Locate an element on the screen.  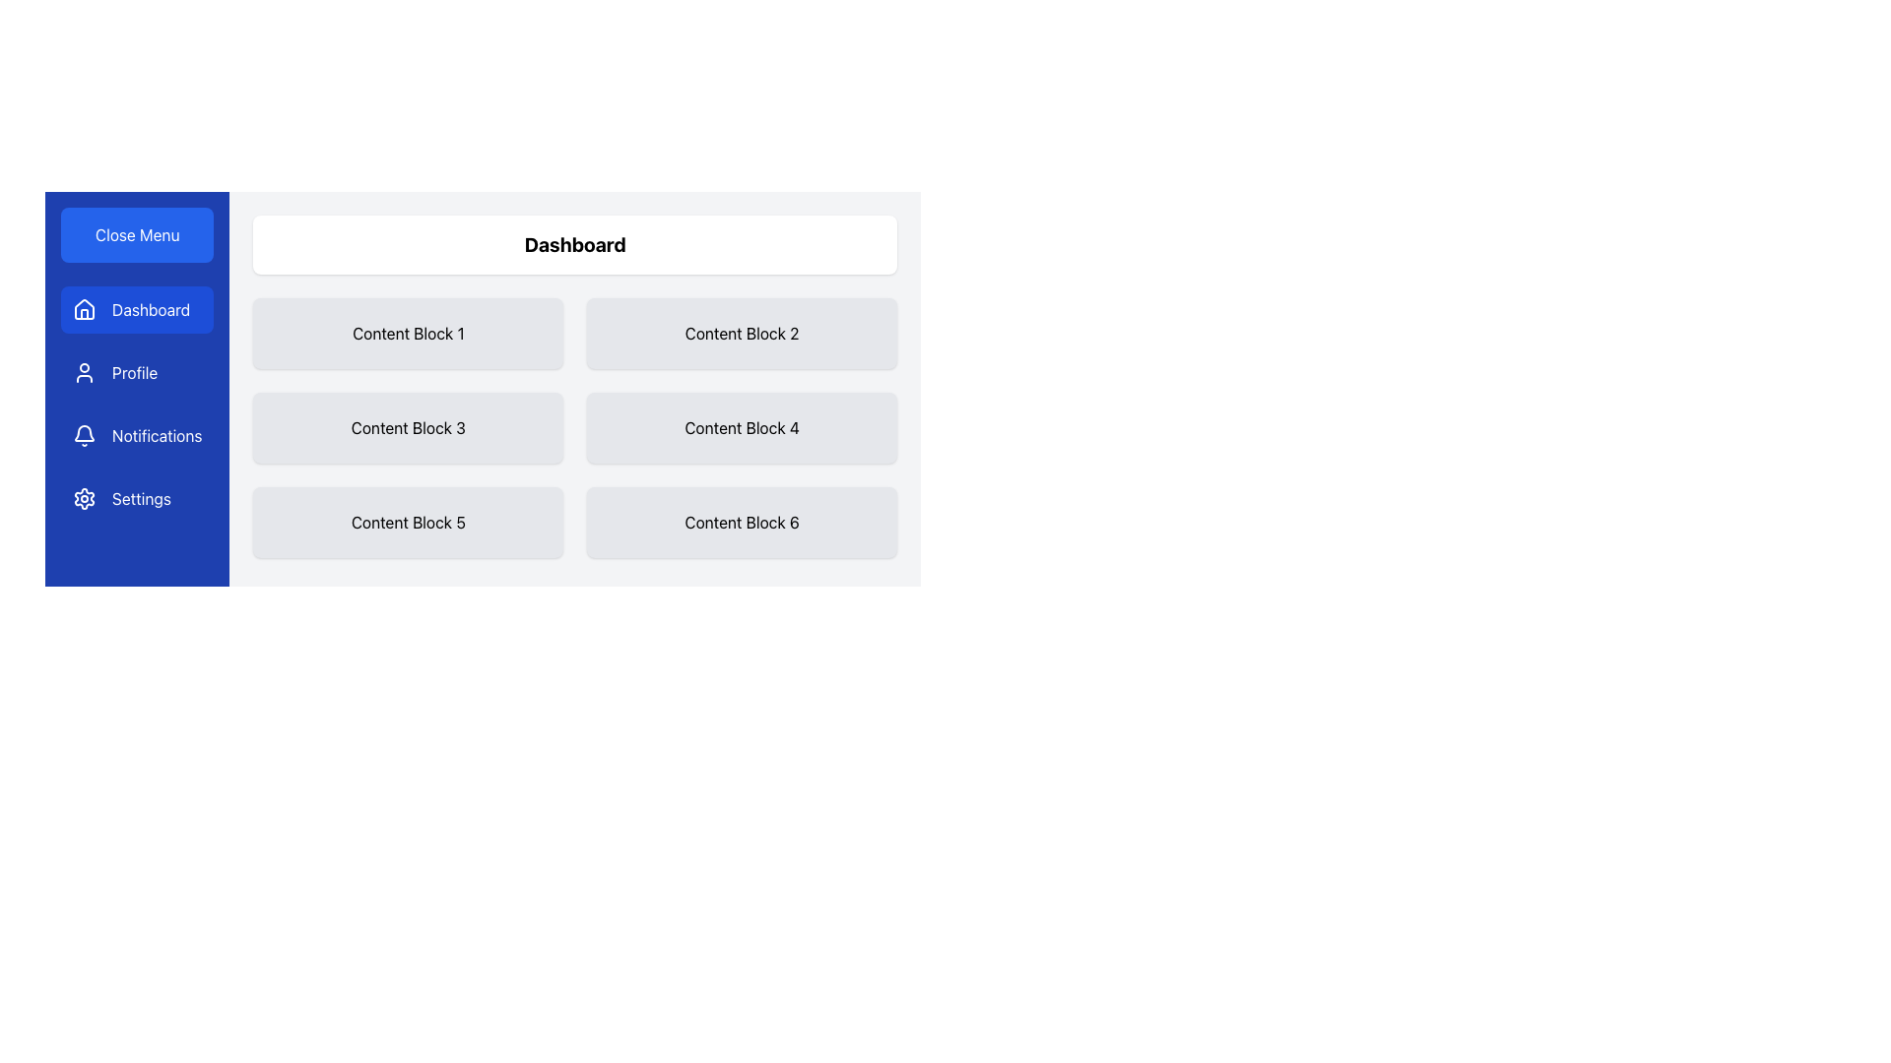
the 'Settings' button, which is a horizontally aligned button with a gear icon on the left and blue background located in the left sidebar is located at coordinates (136, 497).